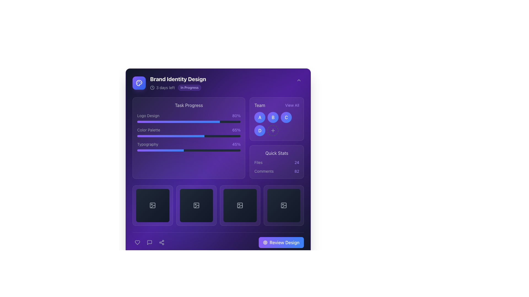 This screenshot has height=297, width=529. What do you see at coordinates (258, 162) in the screenshot?
I see `the static text label 'Files' styled in gray, located in the 'Quick Stats' section, adjacent to the '24' statistic` at bounding box center [258, 162].